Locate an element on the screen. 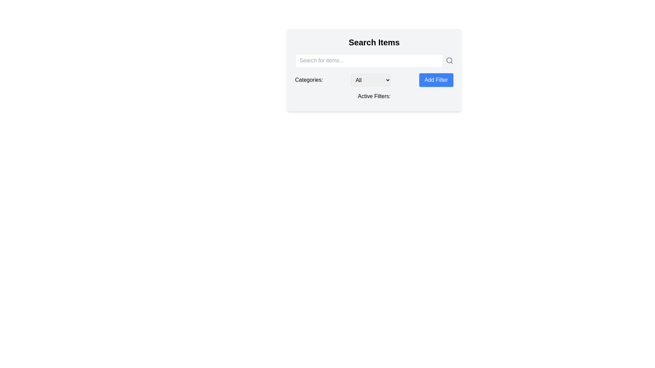 The width and height of the screenshot is (655, 368). the blue rectangular button labeled 'Add Filter' is located at coordinates (436, 80).